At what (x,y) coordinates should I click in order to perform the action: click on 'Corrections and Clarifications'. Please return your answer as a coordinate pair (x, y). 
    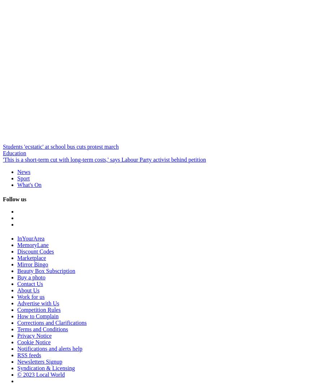
    Looking at the image, I should click on (51, 323).